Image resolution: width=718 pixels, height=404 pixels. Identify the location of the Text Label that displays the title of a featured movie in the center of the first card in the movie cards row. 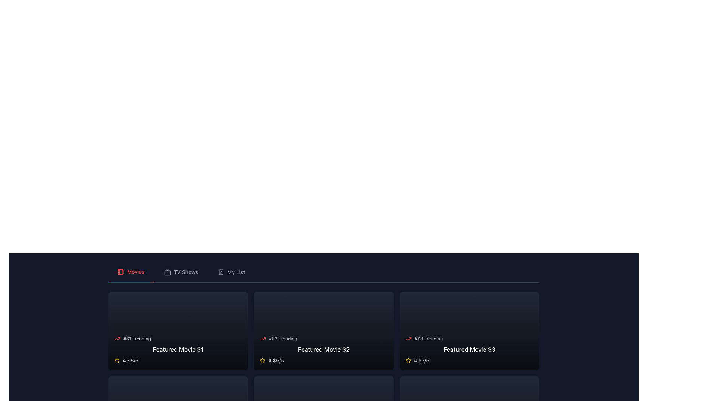
(178, 349).